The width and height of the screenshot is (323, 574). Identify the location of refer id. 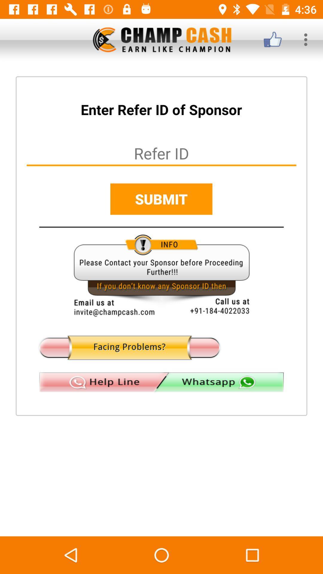
(161, 153).